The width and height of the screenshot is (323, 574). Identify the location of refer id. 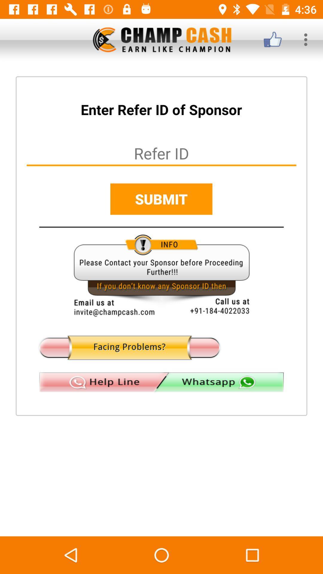
(161, 153).